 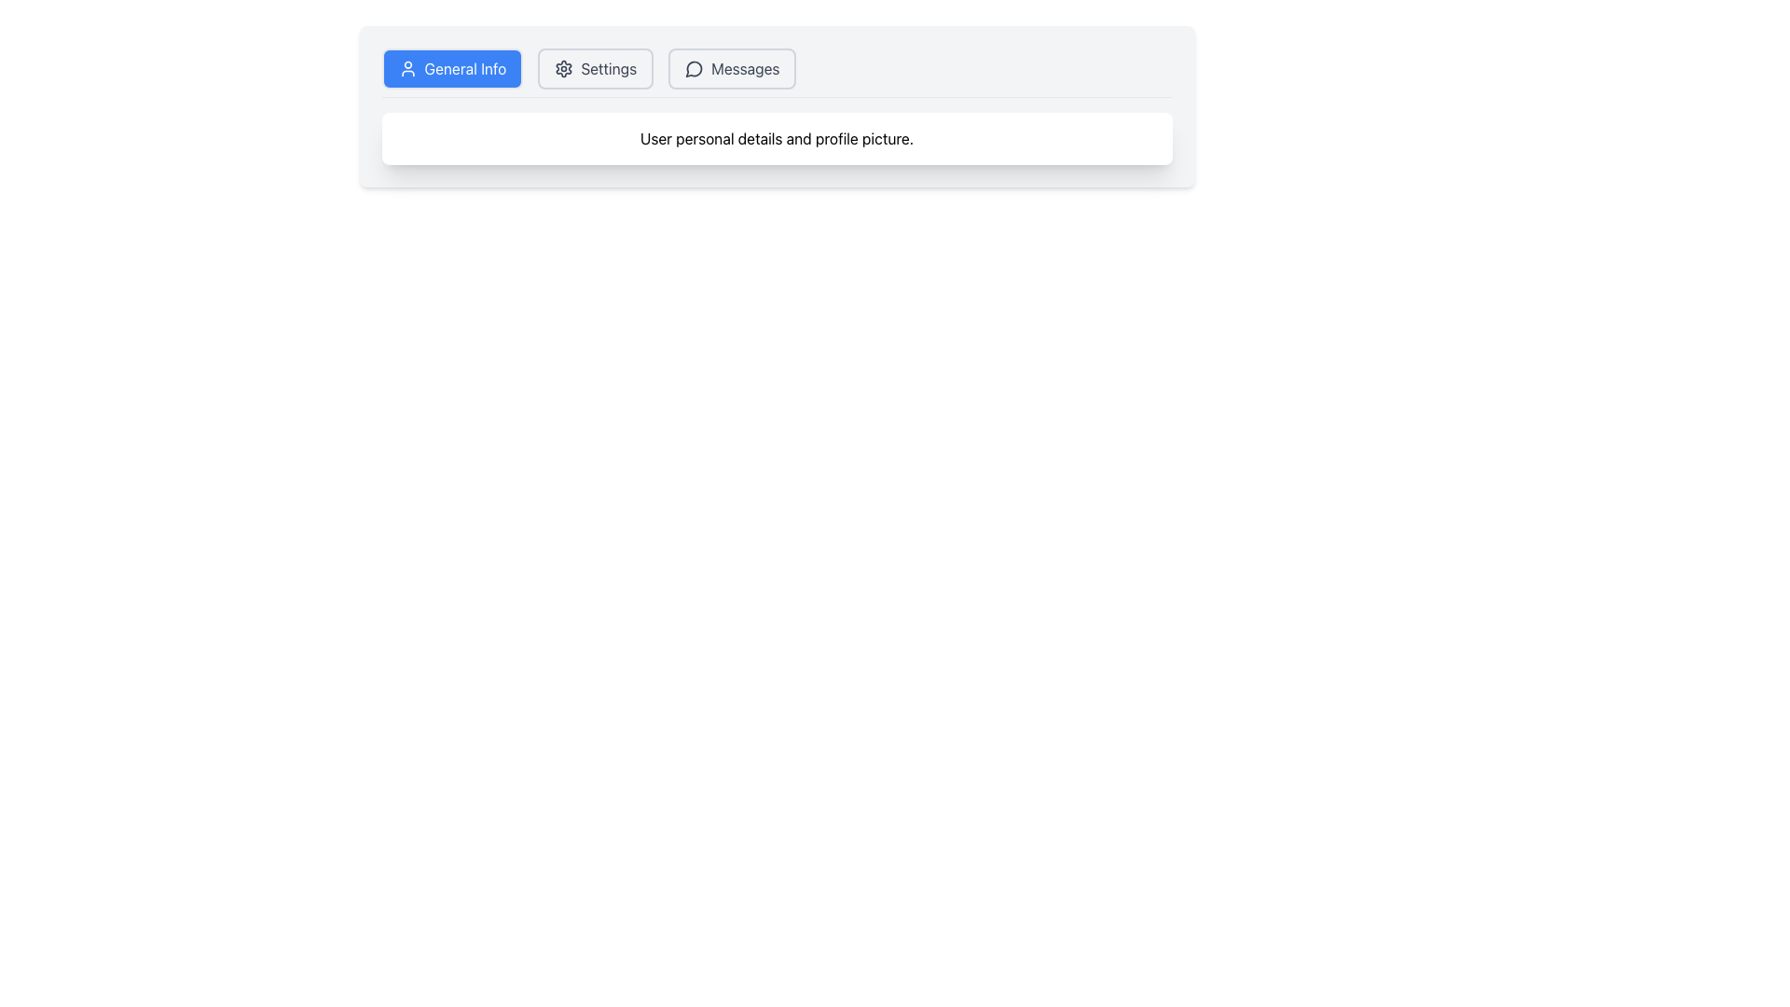 I want to click on the Decorative Icon (speech bubble graphic) located in the 'Messages' tab, situated between the 'Settings' tab and other elements in the upper central section of the interface, so click(x=693, y=68).